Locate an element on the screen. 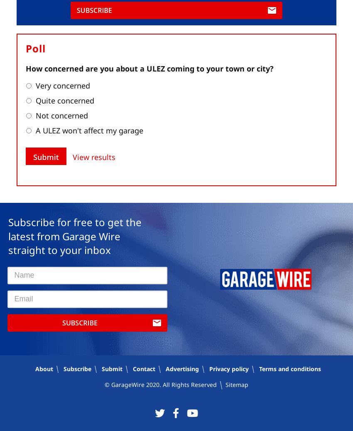 This screenshot has height=431, width=353. '© GarageWire 2020. All Rights Reserved' is located at coordinates (162, 384).